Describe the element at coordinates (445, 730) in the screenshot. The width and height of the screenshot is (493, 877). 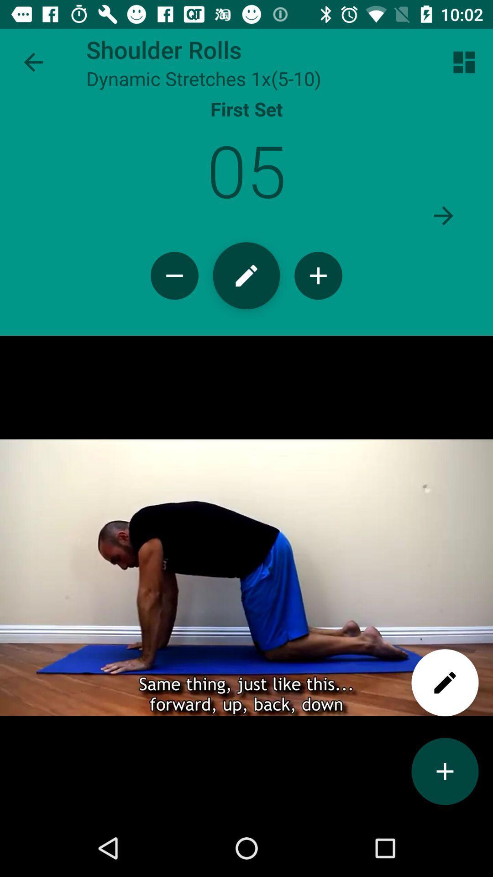
I see `the edit icon` at that location.